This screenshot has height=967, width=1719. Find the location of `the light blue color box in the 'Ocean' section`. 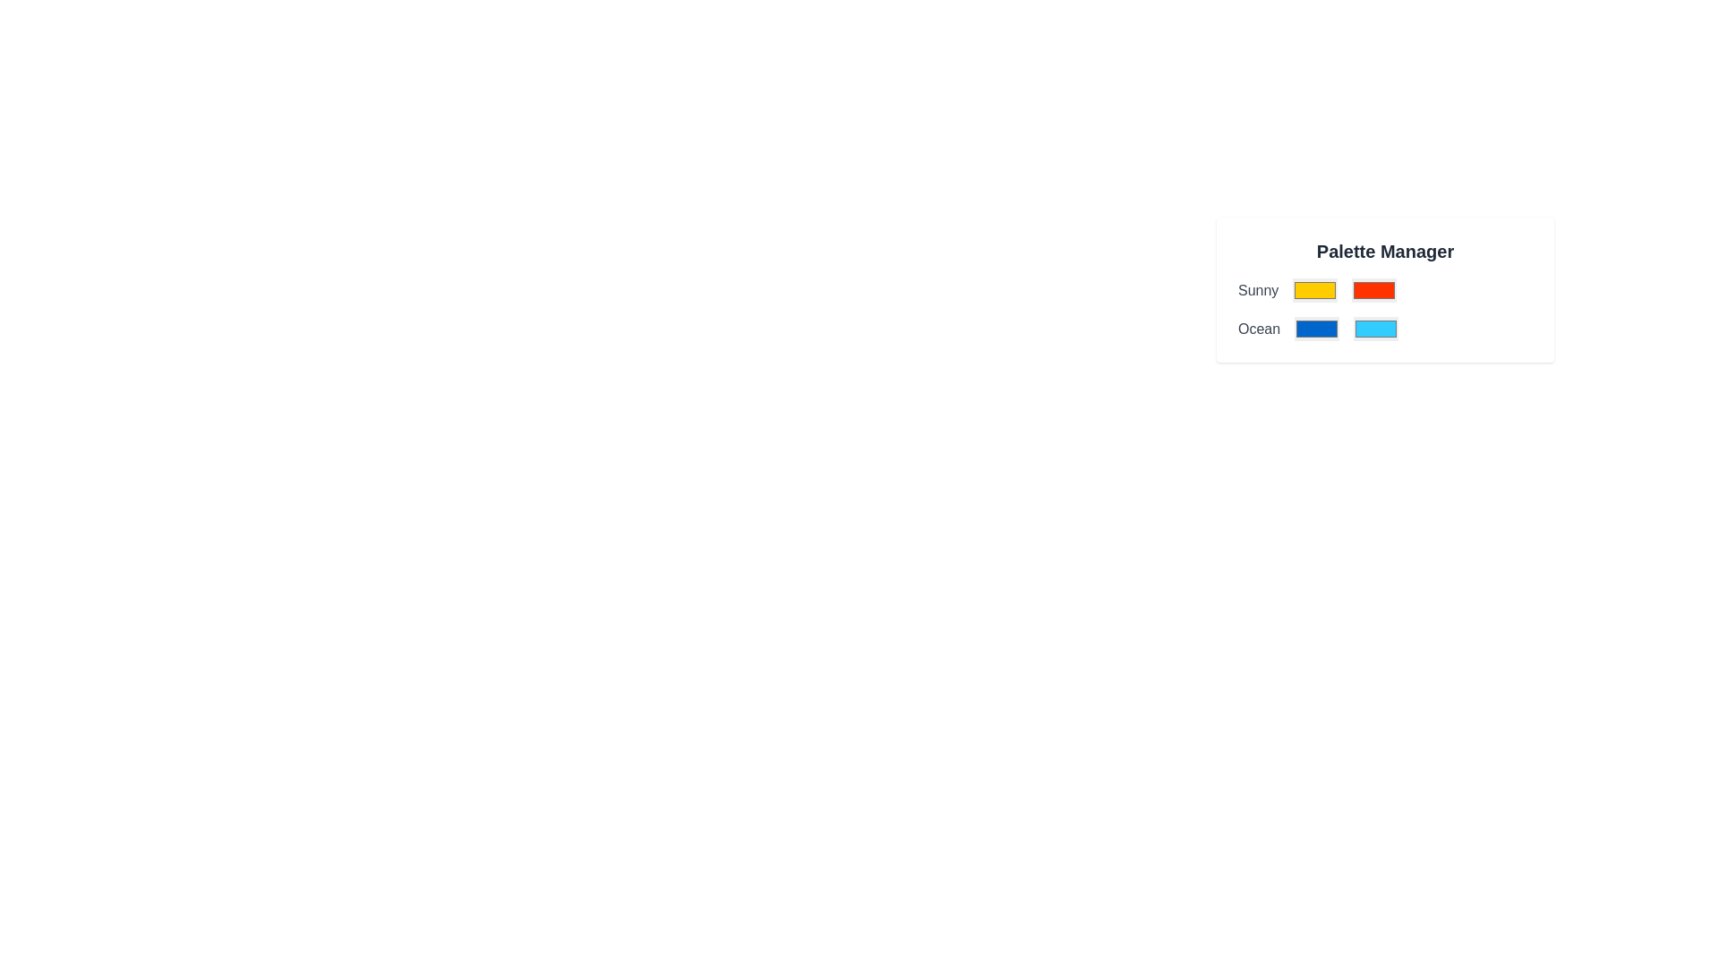

the light blue color box in the 'Ocean' section is located at coordinates (1375, 329).